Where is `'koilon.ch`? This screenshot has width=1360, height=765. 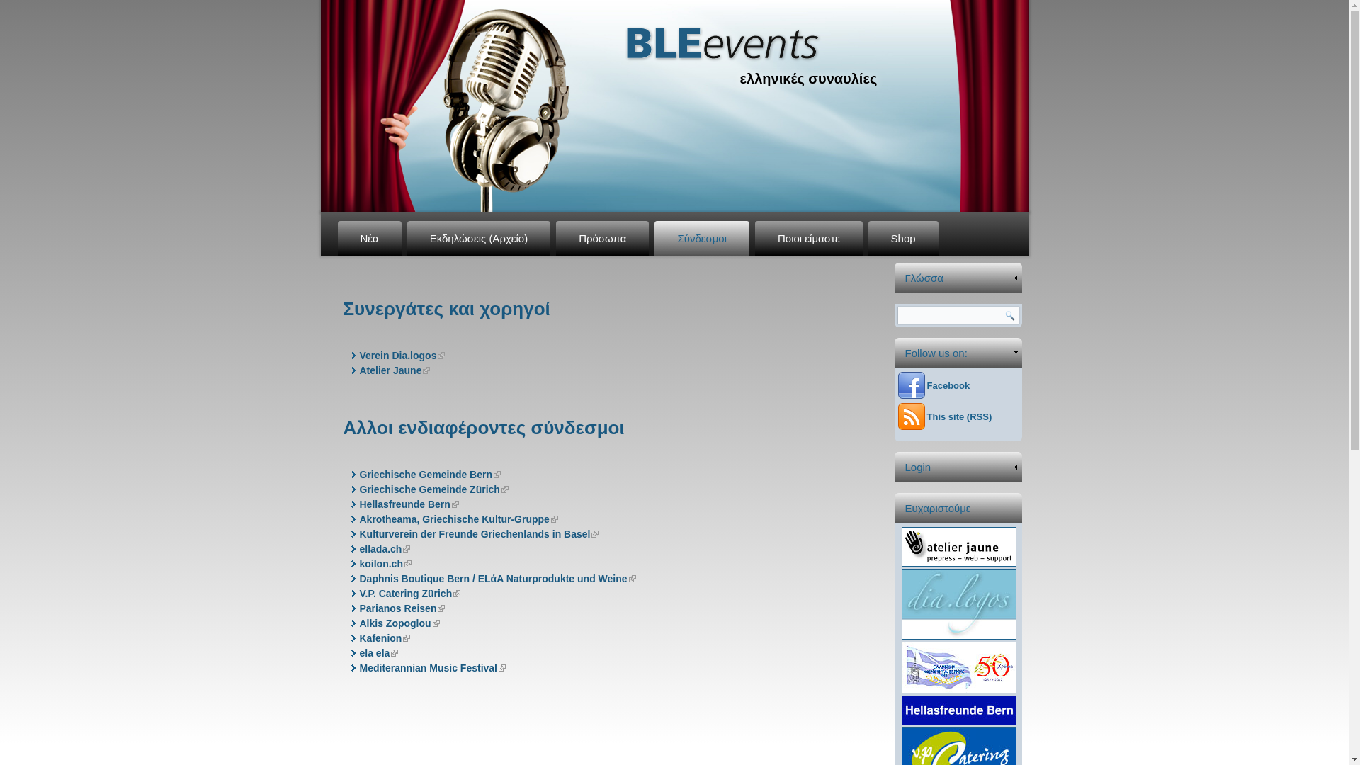
'koilon.ch is located at coordinates (360, 562).